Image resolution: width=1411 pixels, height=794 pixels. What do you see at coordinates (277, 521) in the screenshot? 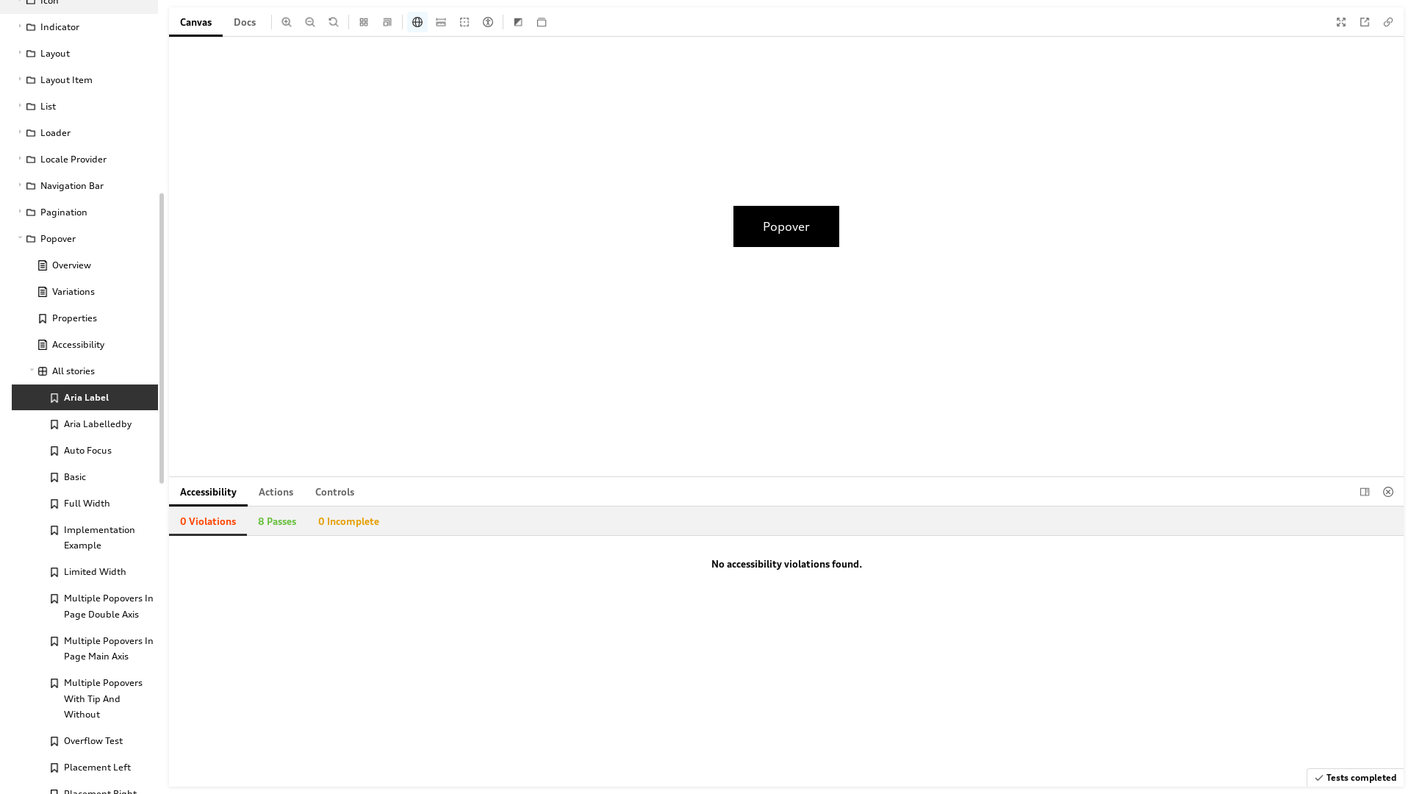
I see `'8 Passes'` at bounding box center [277, 521].